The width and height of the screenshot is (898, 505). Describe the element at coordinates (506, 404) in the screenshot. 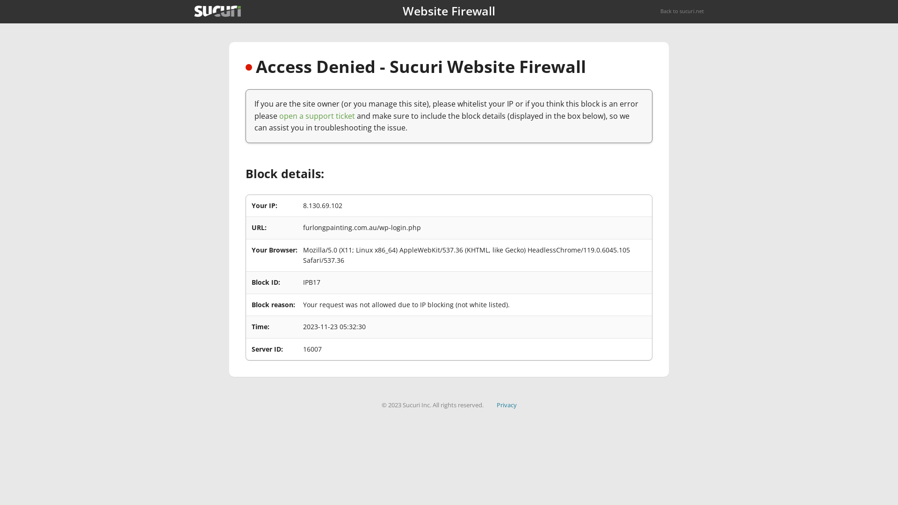

I see `'Privacy'` at that location.